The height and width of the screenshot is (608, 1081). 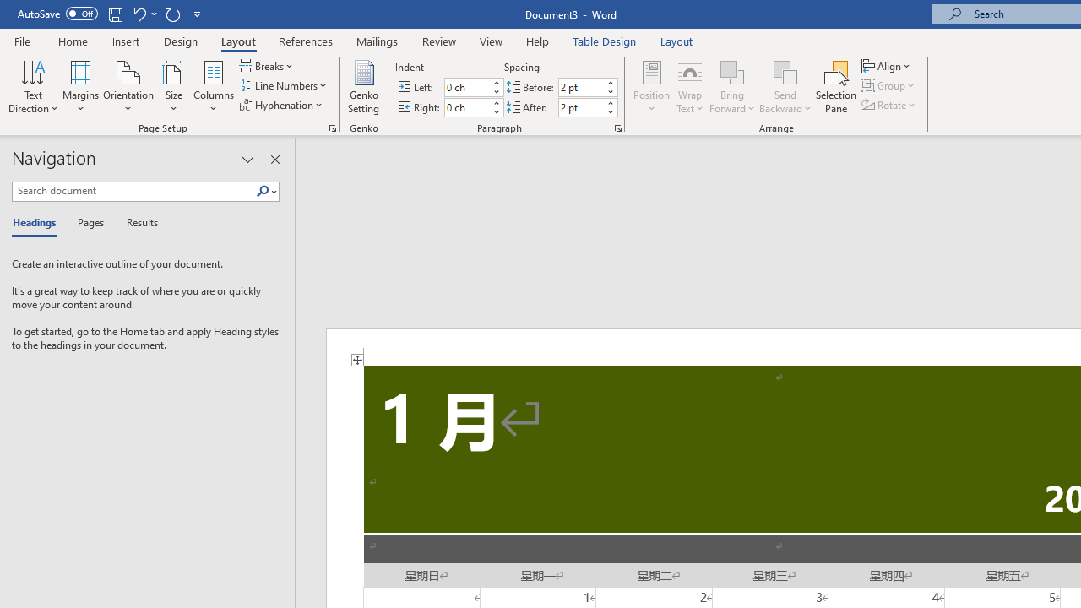 I want to click on 'Align', so click(x=887, y=65).